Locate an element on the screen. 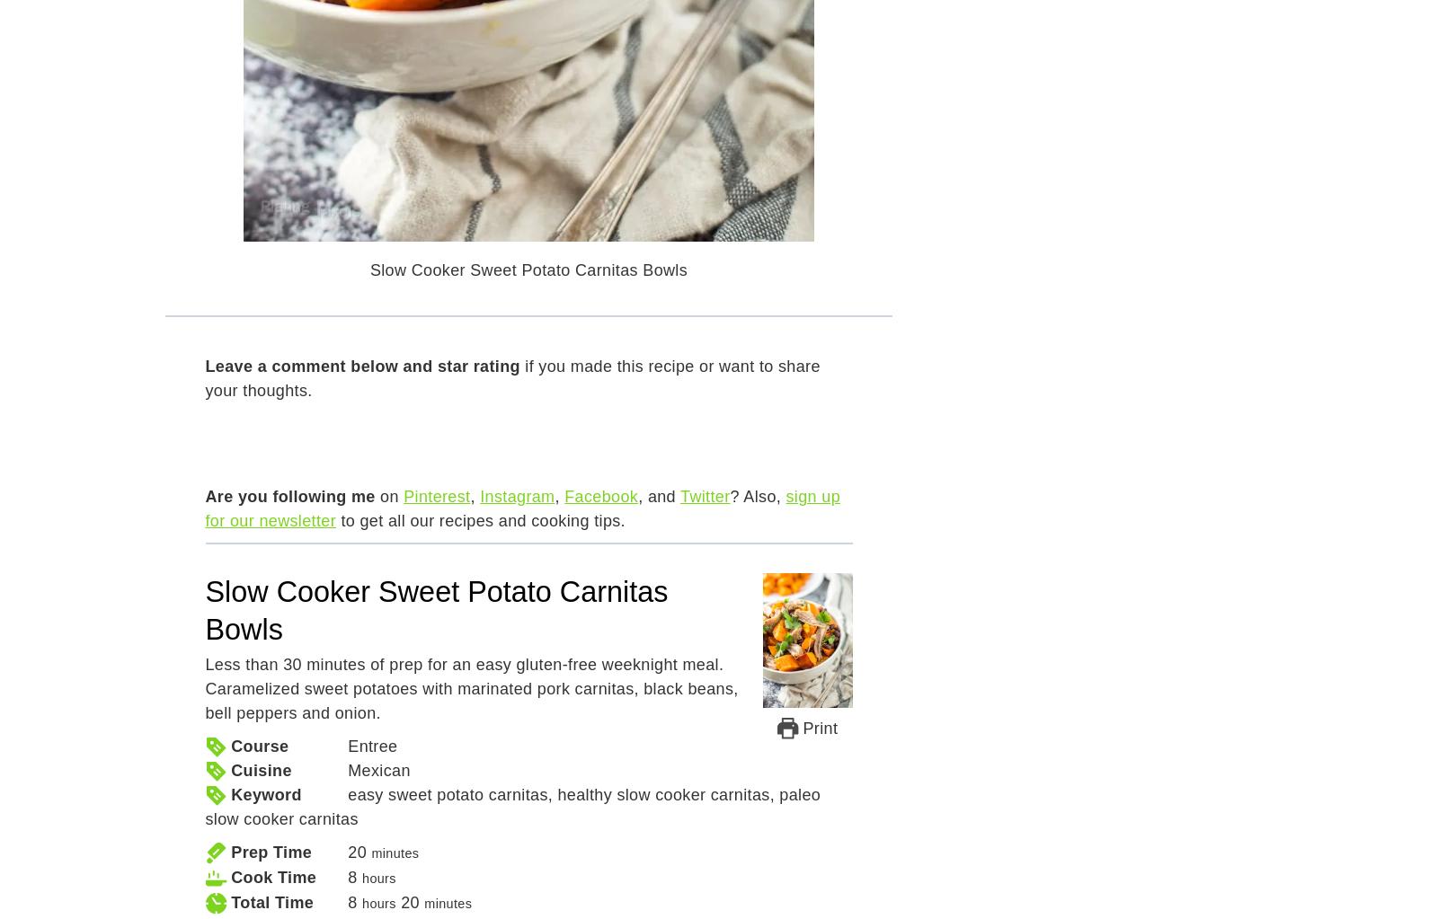 Image resolution: width=1438 pixels, height=919 pixels. 'easy sweet potato carnitas, healthy slow cooker carnitas, paleo slow cooker carnitas' is located at coordinates (511, 807).